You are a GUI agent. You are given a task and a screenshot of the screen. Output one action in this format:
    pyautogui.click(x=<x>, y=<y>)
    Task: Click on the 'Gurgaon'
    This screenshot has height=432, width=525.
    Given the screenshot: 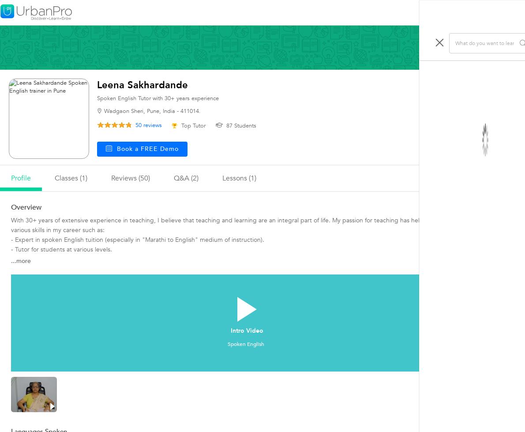 What is the action you would take?
    pyautogui.click(x=443, y=265)
    